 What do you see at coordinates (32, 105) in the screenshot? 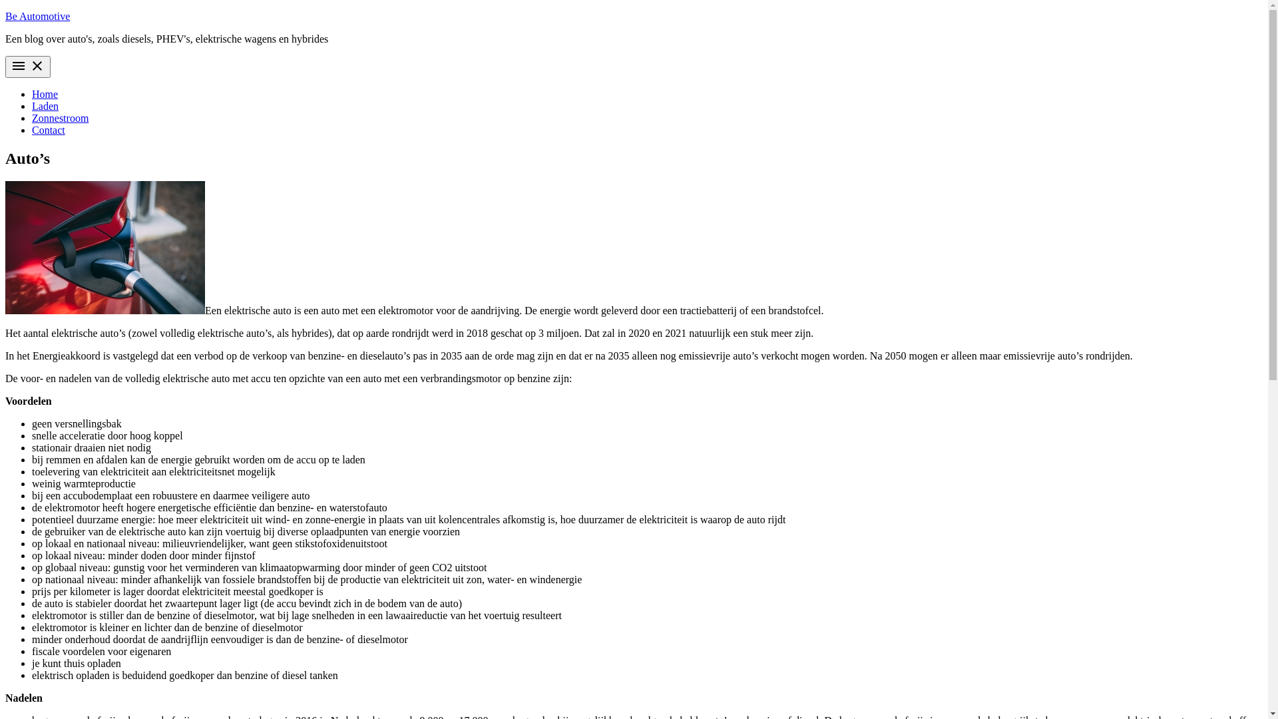
I see `'Laden'` at bounding box center [32, 105].